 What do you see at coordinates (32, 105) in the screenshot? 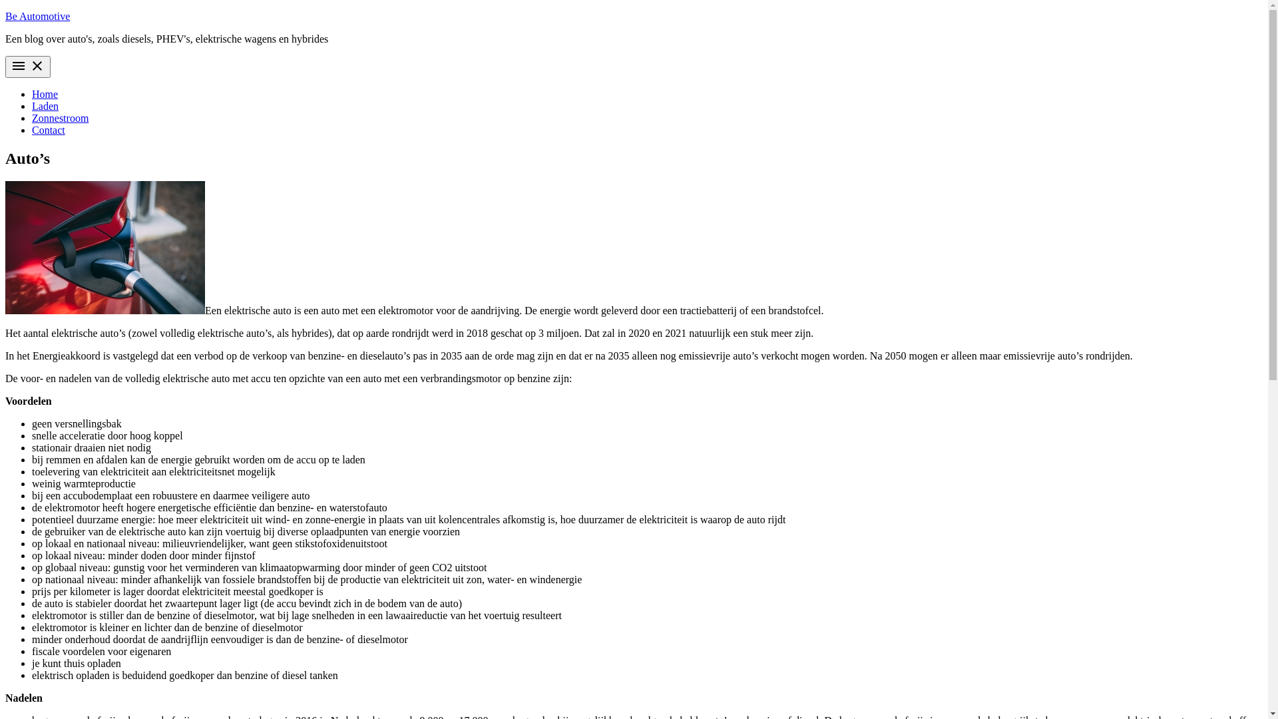
I see `'Laden'` at bounding box center [32, 105].